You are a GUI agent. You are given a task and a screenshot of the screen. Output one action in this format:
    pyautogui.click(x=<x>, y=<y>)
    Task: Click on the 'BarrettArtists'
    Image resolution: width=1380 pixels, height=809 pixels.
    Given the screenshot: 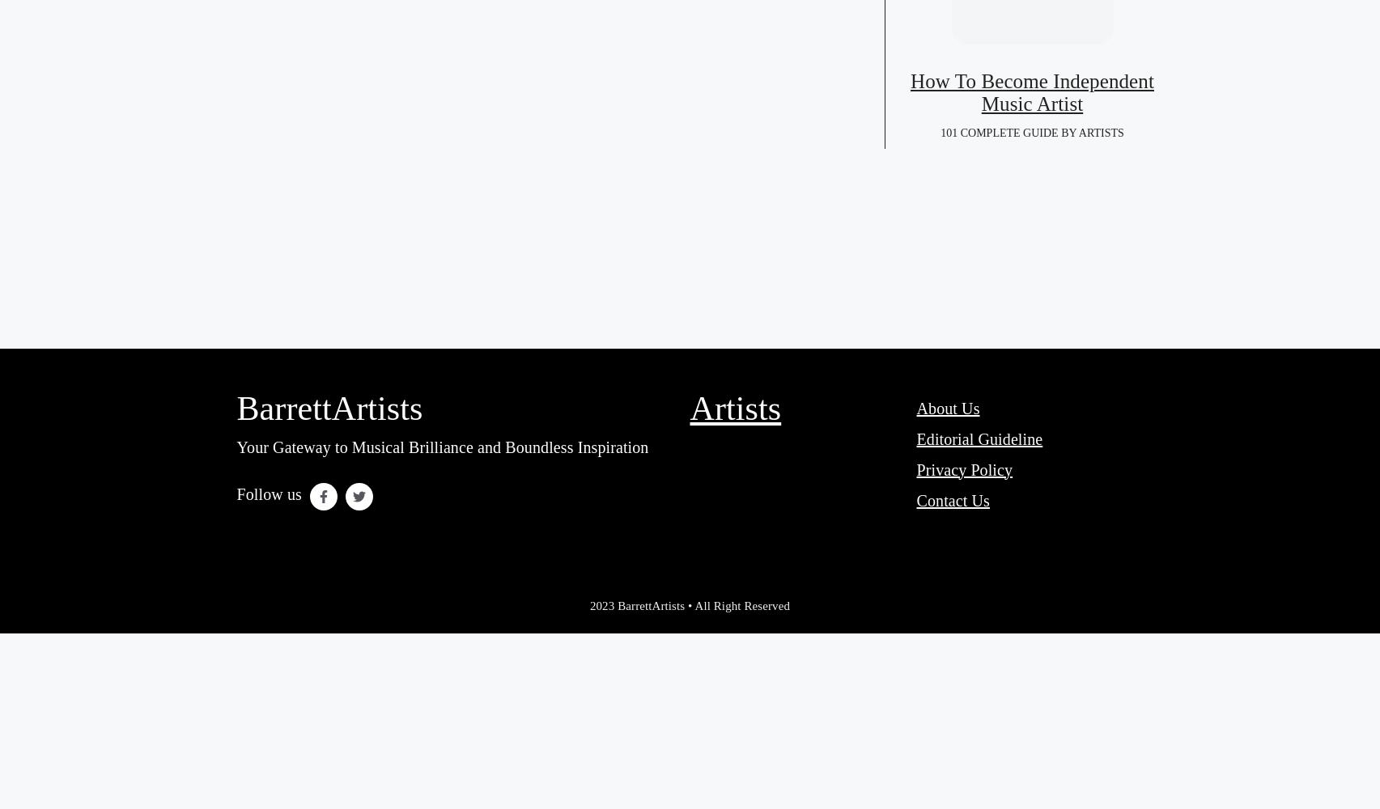 What is the action you would take?
    pyautogui.click(x=328, y=408)
    